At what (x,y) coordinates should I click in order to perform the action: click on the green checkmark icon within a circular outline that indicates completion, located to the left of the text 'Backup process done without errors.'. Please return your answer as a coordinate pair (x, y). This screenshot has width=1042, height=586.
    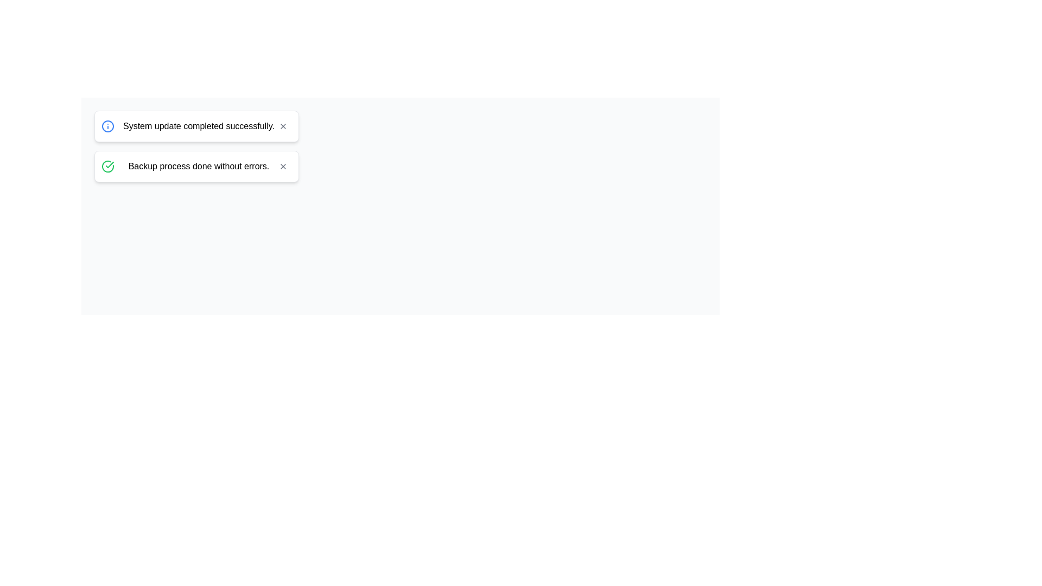
    Looking at the image, I should click on (110, 165).